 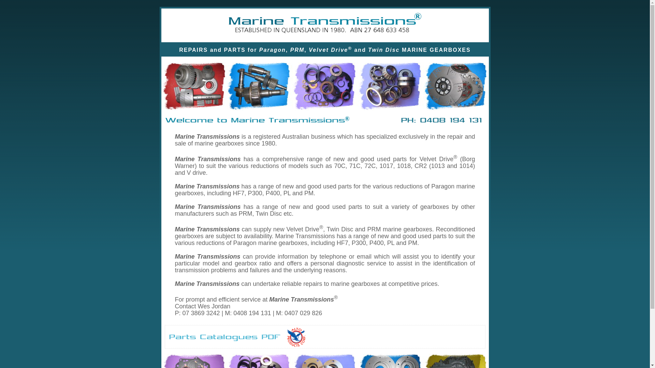 What do you see at coordinates (296, 337) in the screenshot?
I see `'Alto Products Corp PDF - Click to download'` at bounding box center [296, 337].